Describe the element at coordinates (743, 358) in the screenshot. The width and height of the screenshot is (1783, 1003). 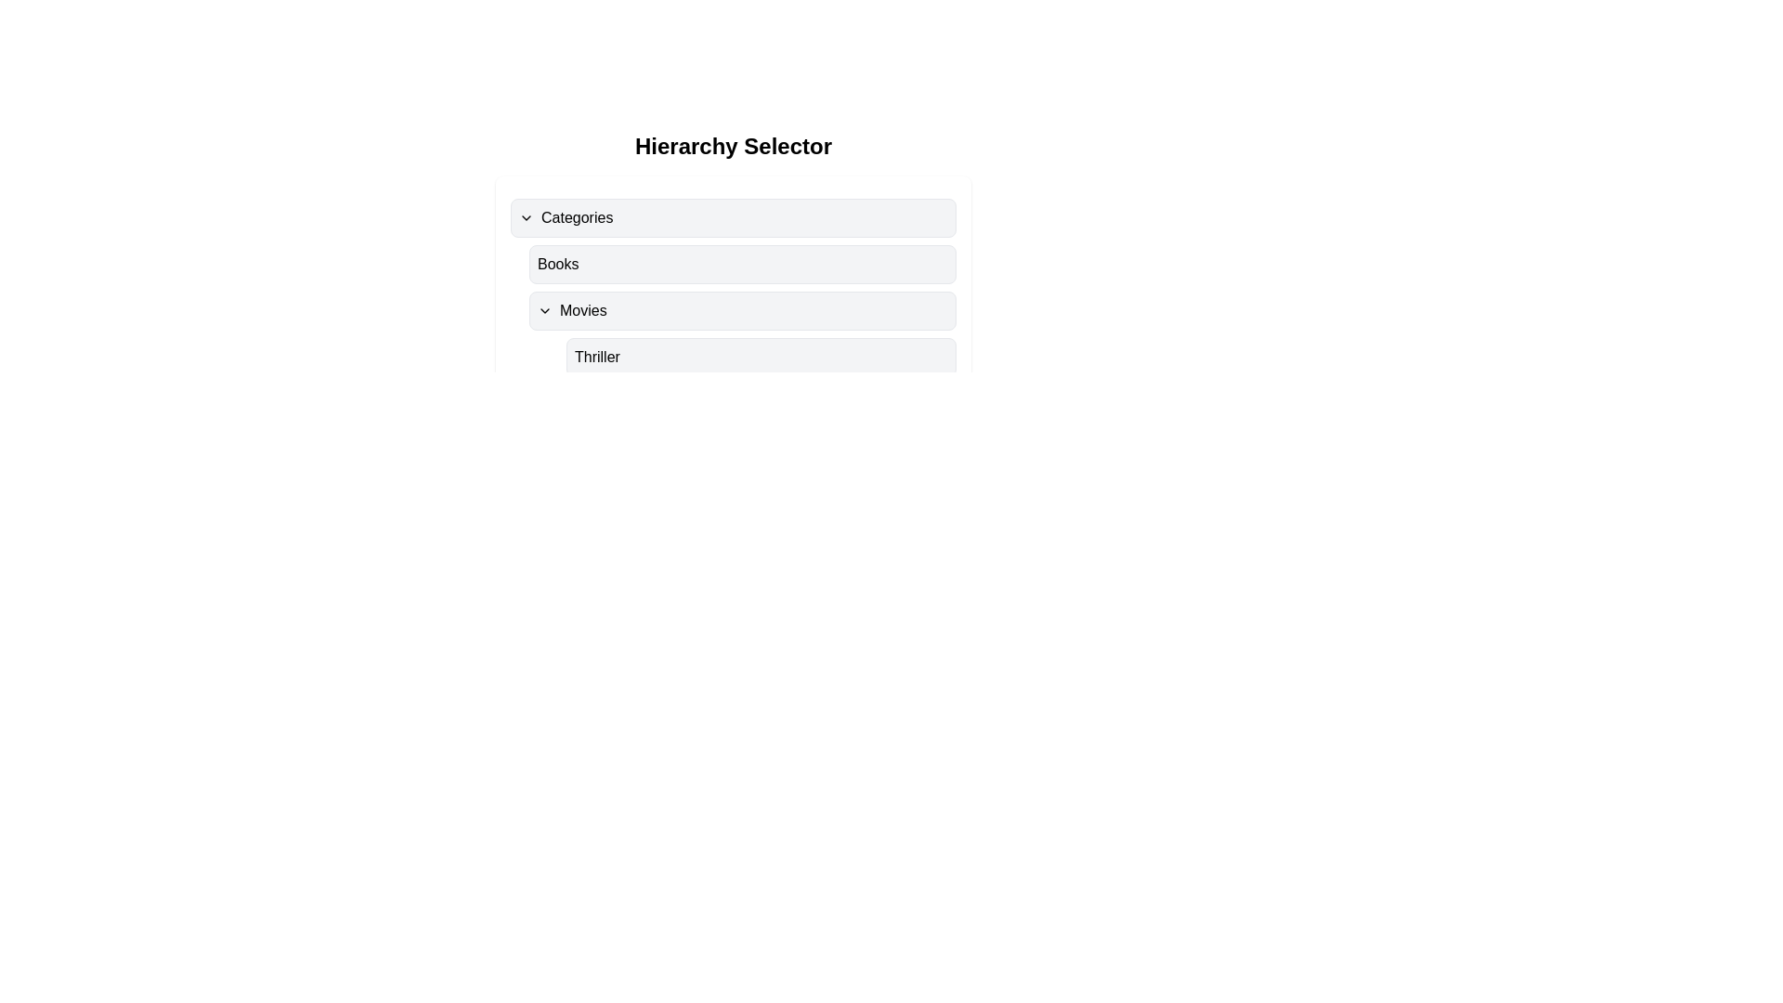
I see `the 'Thriller' list item under the 'Movies' section` at that location.